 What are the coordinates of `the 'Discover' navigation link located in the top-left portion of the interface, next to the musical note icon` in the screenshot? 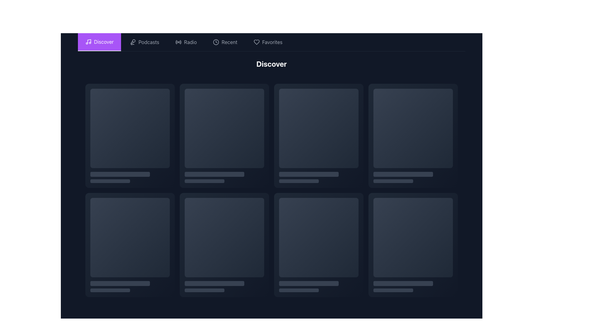 It's located at (104, 42).